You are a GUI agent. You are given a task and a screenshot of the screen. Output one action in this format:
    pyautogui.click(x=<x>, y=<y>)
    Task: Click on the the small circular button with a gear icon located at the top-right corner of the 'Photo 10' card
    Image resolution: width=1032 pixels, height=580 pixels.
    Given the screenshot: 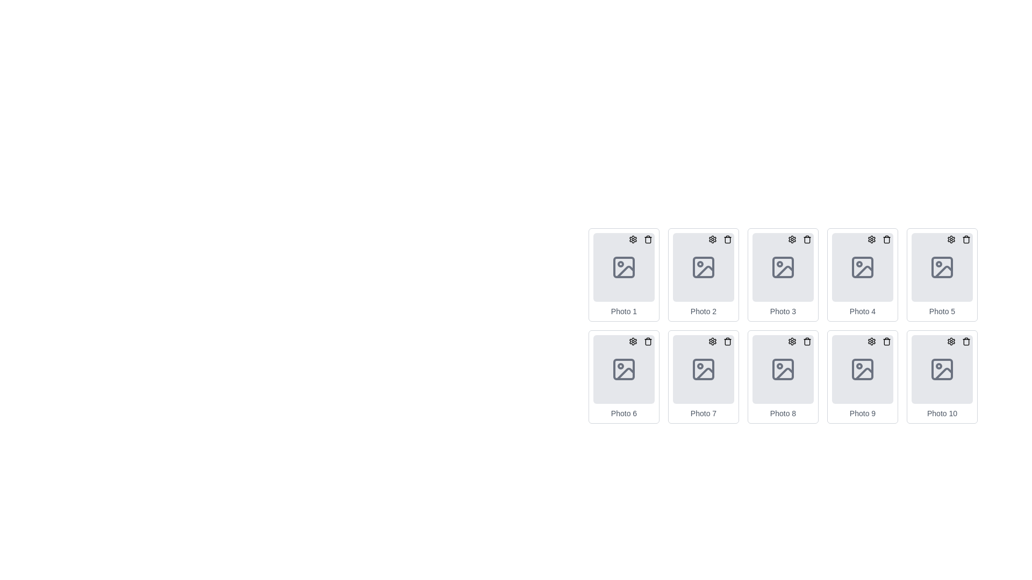 What is the action you would take?
    pyautogui.click(x=951, y=342)
    